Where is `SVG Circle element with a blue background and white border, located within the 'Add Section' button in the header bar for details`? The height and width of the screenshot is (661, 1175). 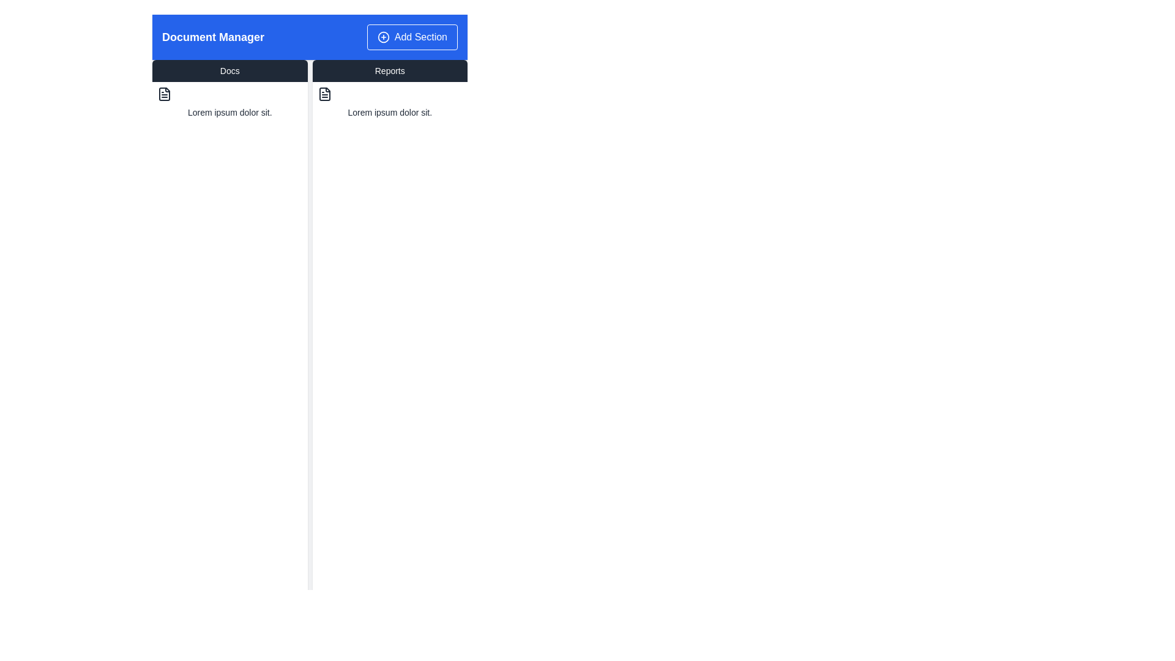 SVG Circle element with a blue background and white border, located within the 'Add Section' button in the header bar for details is located at coordinates (382, 37).